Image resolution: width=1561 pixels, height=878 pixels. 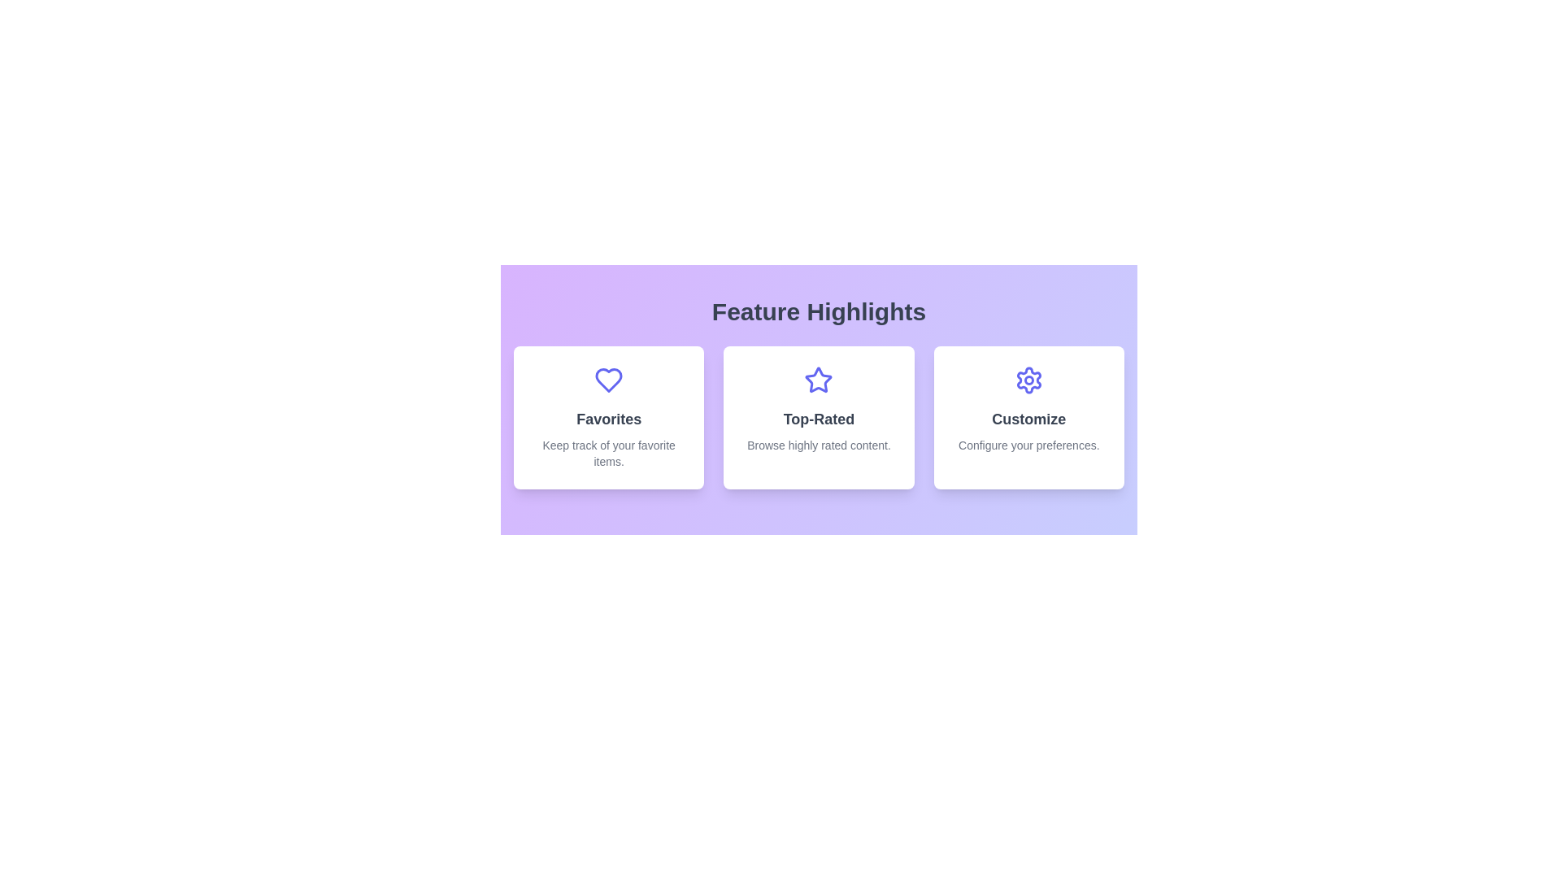 What do you see at coordinates (608, 380) in the screenshot?
I see `the heart-shaped icon within the 'Favorites' card to interact with it` at bounding box center [608, 380].